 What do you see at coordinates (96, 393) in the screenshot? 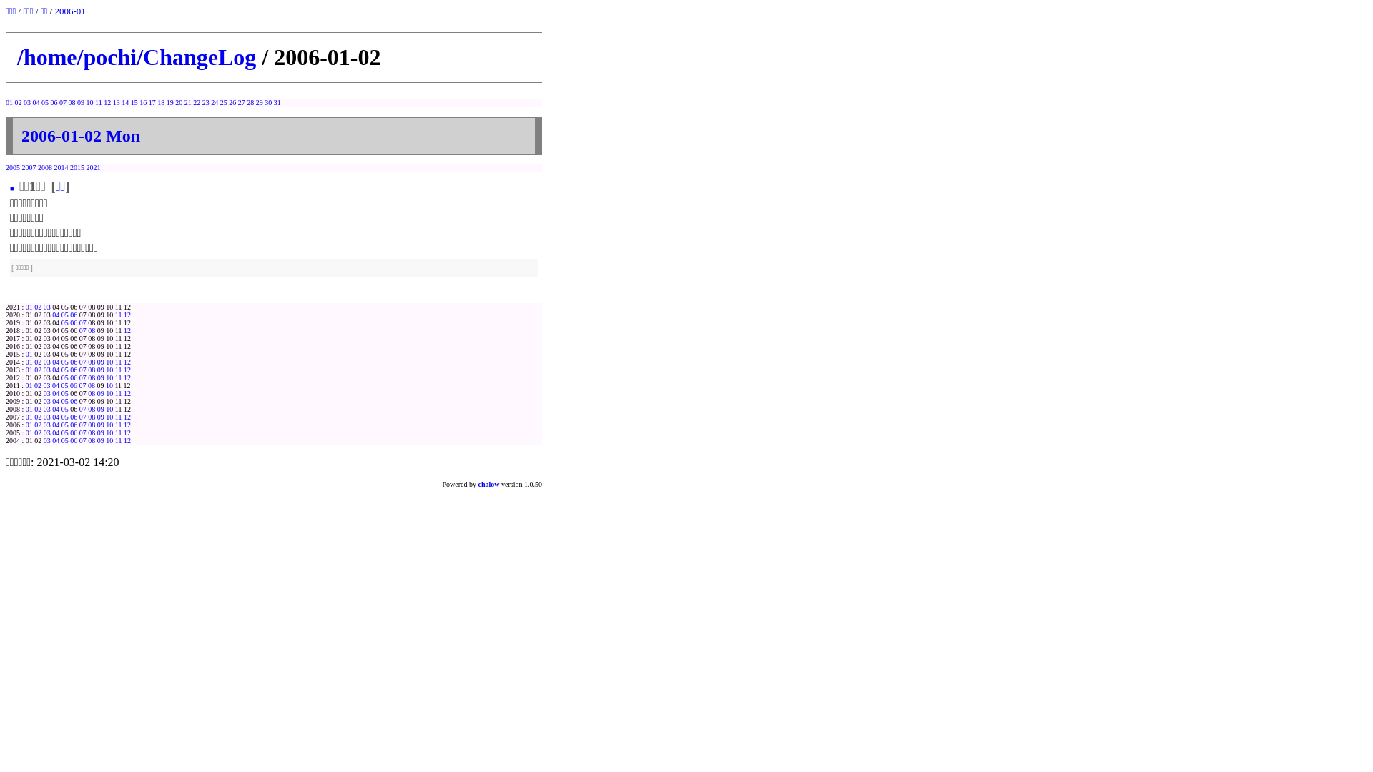
I see `'09'` at bounding box center [96, 393].